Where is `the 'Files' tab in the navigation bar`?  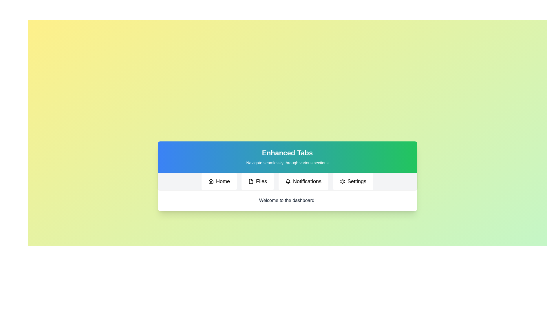 the 'Files' tab in the navigation bar is located at coordinates (257, 181).